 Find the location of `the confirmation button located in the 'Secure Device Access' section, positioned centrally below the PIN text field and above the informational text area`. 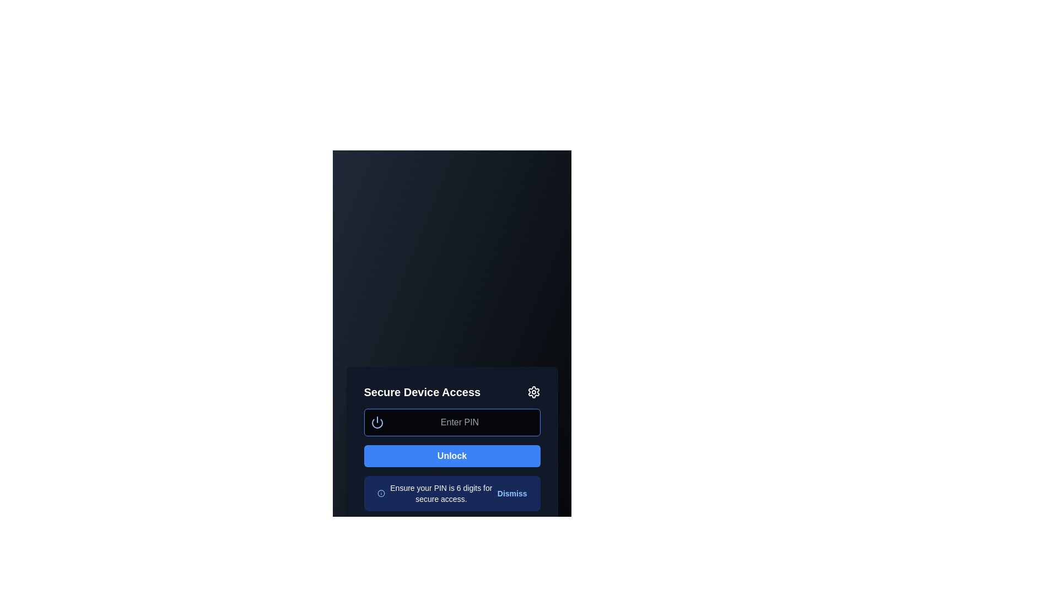

the confirmation button located in the 'Secure Device Access' section, positioned centrally below the PIN text field and above the informational text area is located at coordinates (452, 456).